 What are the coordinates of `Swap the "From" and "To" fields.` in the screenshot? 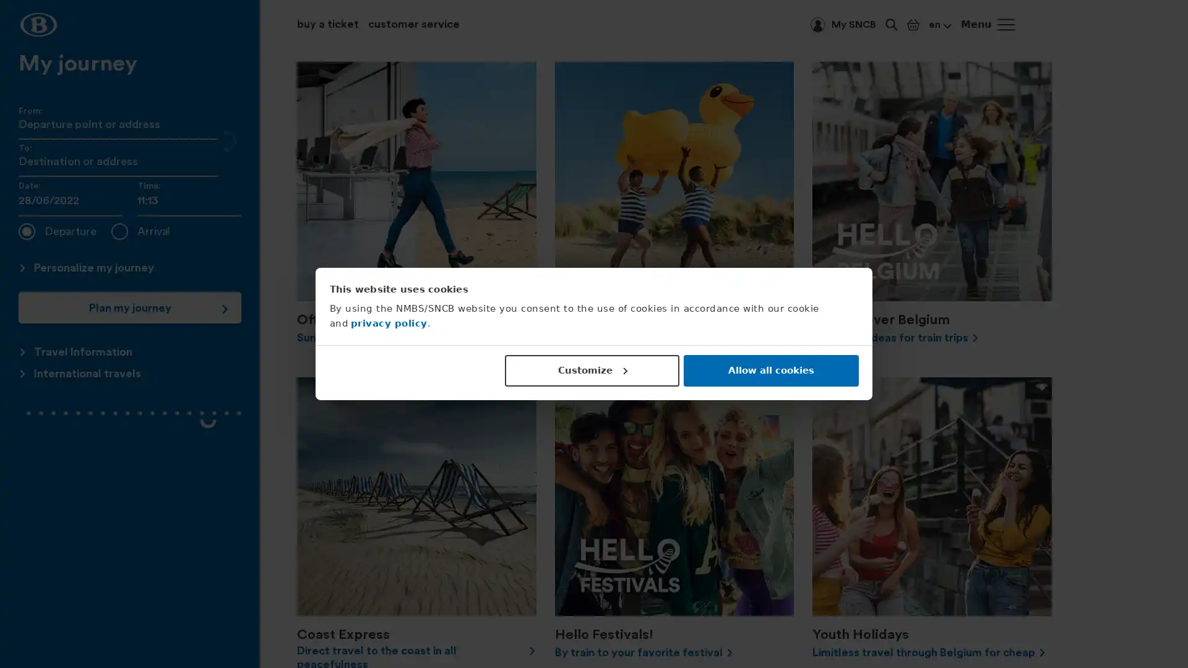 It's located at (229, 140).